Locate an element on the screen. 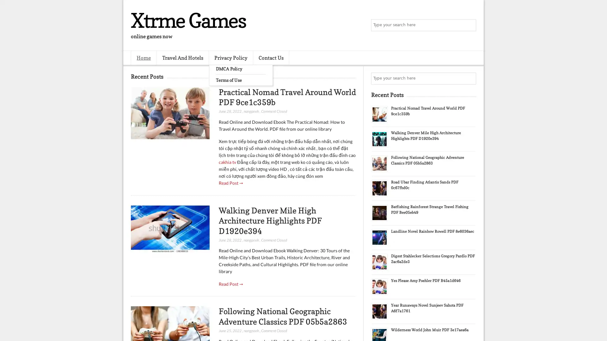  Search is located at coordinates (469, 25).